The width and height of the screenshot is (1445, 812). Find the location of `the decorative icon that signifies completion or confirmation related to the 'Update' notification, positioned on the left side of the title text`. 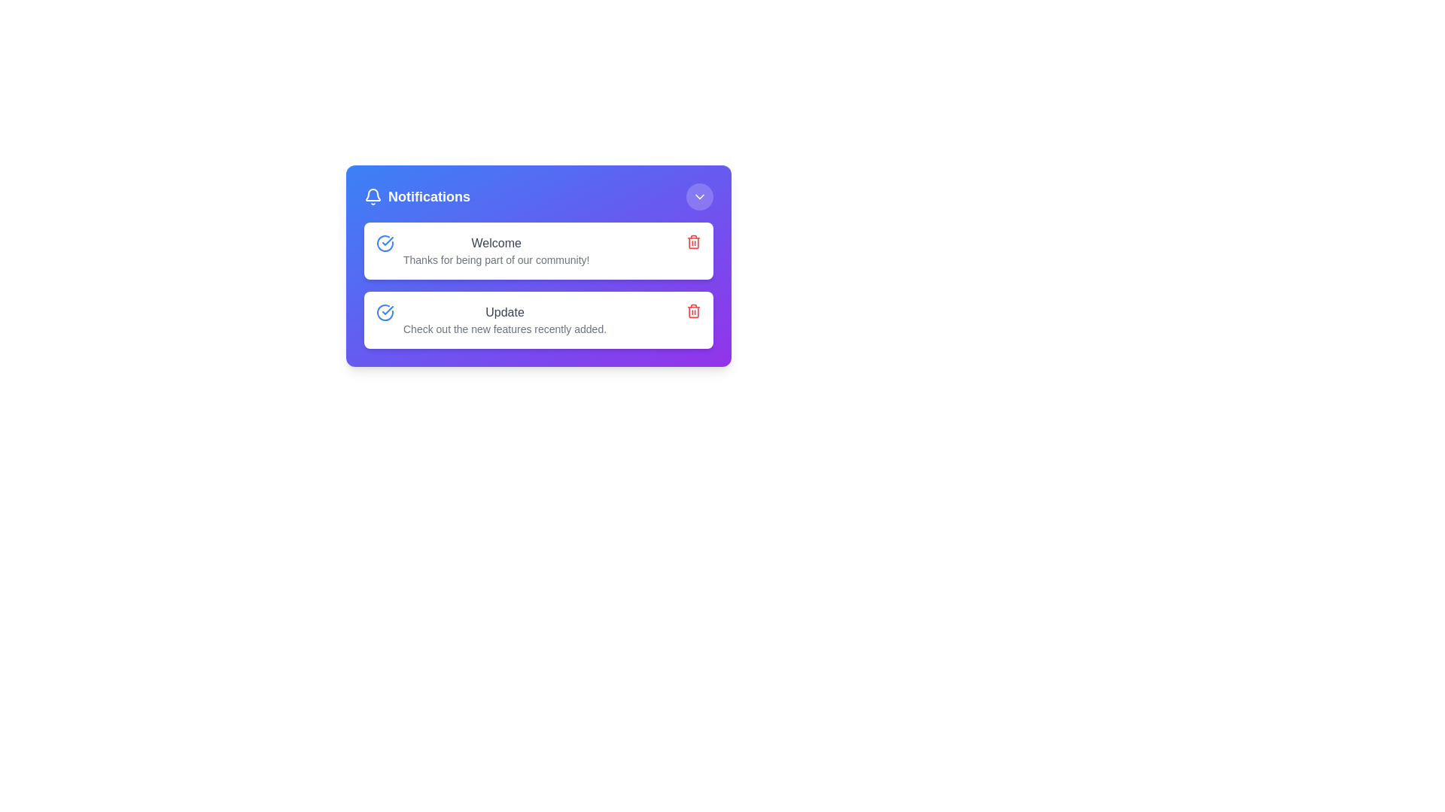

the decorative icon that signifies completion or confirmation related to the 'Update' notification, positioned on the left side of the title text is located at coordinates (385, 312).